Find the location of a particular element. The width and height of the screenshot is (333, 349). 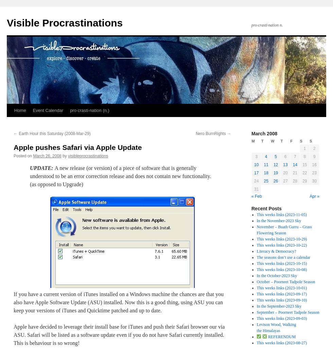

'15' is located at coordinates (304, 164).